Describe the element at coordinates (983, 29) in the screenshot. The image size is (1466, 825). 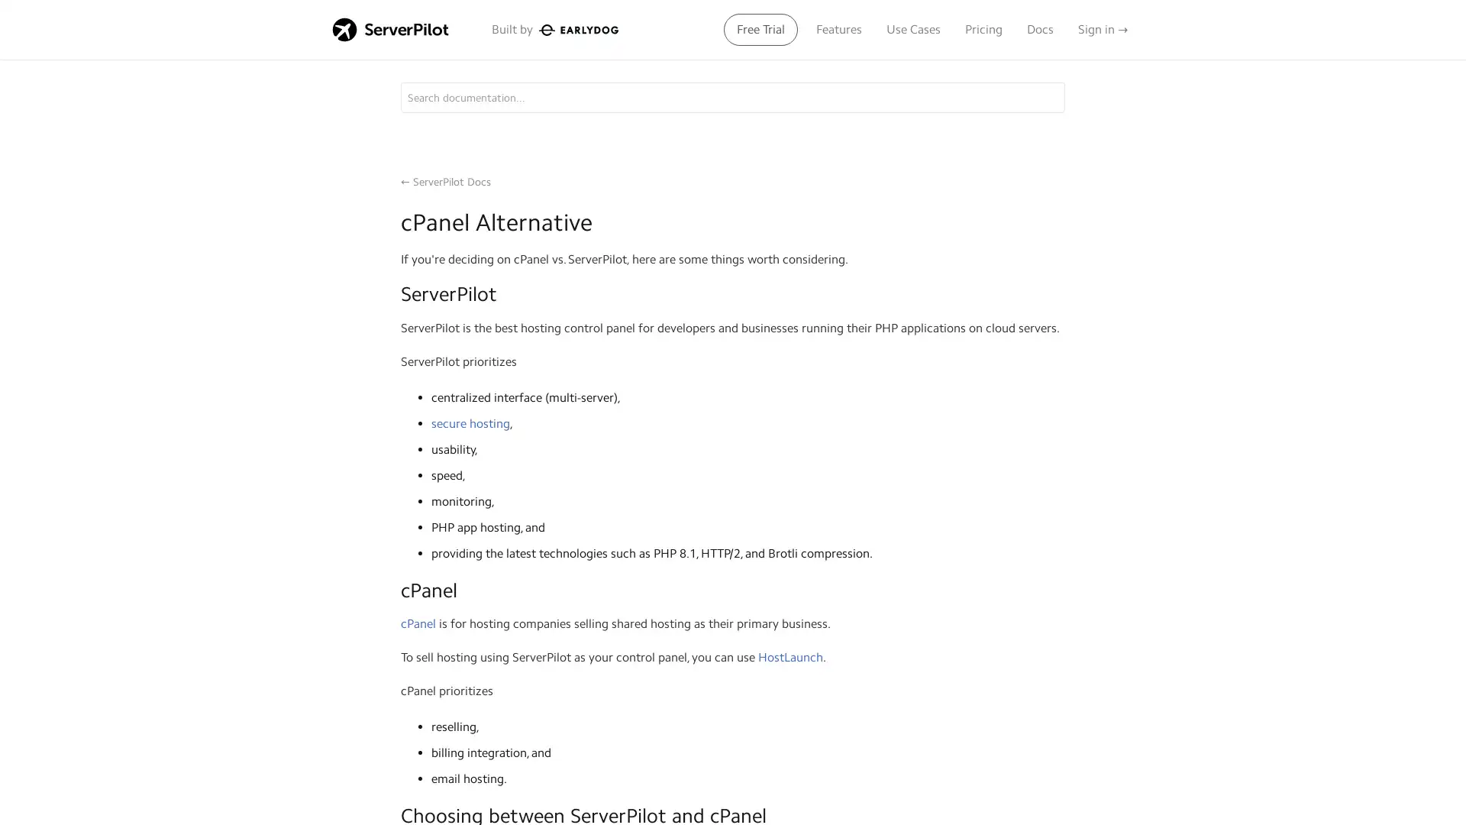
I see `Pricing` at that location.